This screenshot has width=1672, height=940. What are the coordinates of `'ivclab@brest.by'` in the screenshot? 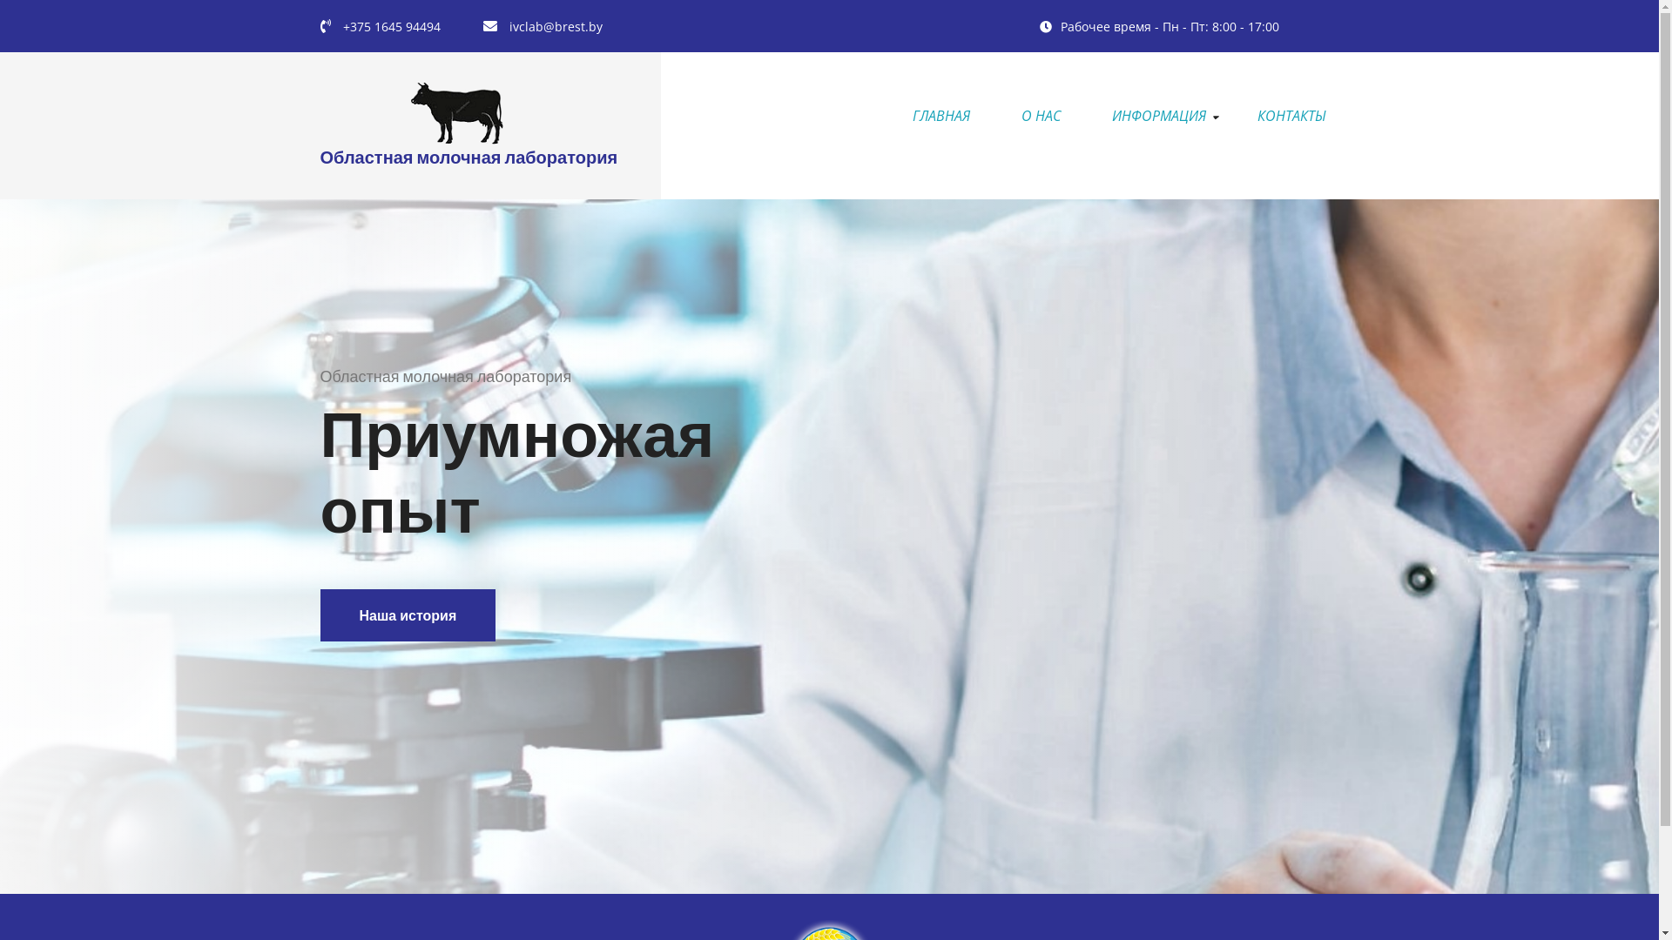 It's located at (508, 26).